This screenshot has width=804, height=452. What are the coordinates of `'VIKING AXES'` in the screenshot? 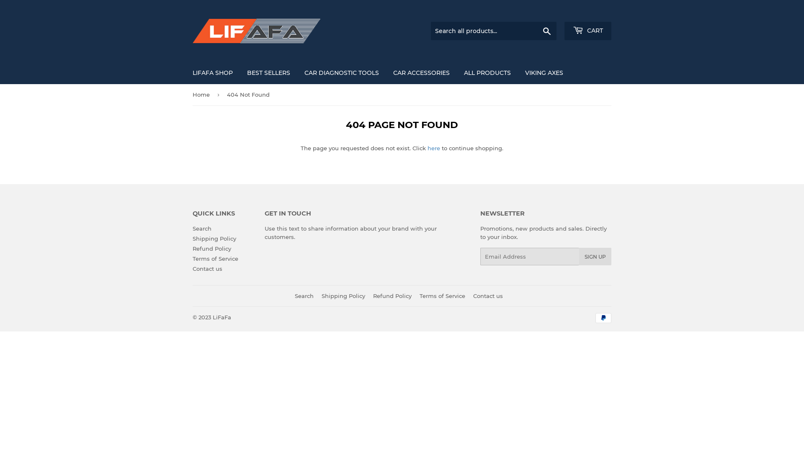 It's located at (544, 72).